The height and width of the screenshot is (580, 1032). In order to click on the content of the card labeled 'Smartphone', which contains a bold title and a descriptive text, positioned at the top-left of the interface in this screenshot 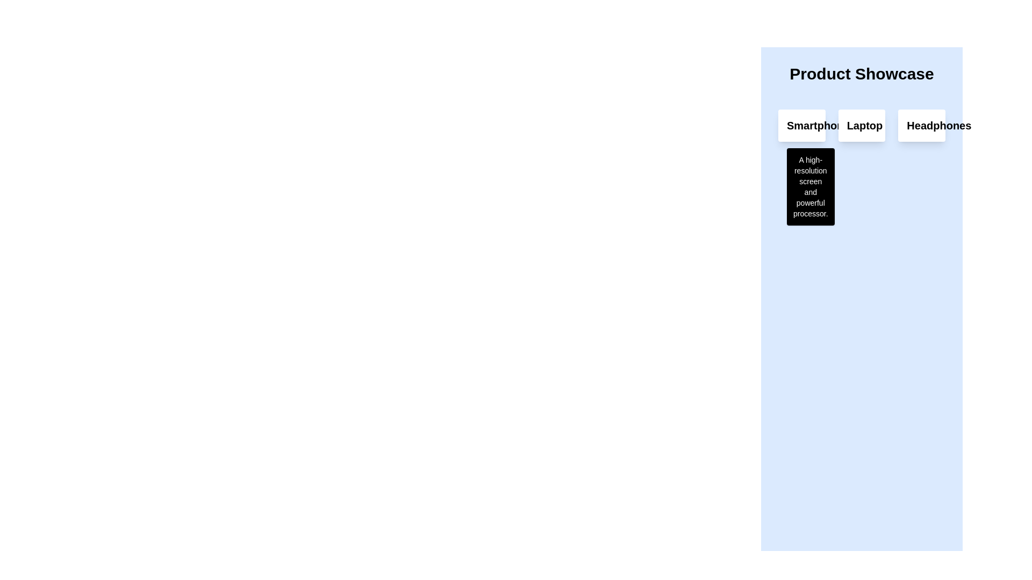, I will do `click(801, 125)`.